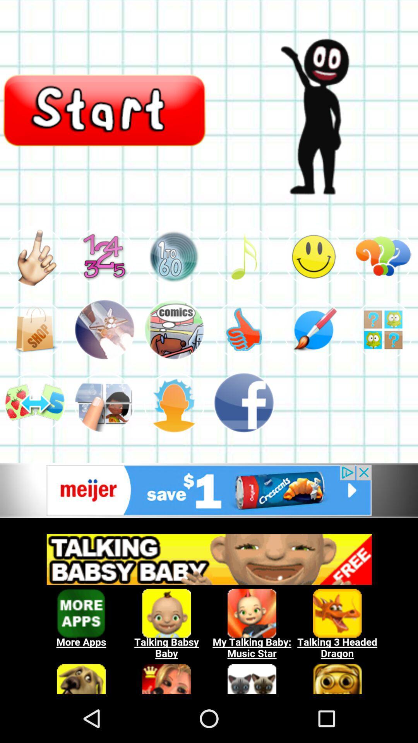 Image resolution: width=418 pixels, height=743 pixels. I want to click on button to choose icon, so click(34, 329).